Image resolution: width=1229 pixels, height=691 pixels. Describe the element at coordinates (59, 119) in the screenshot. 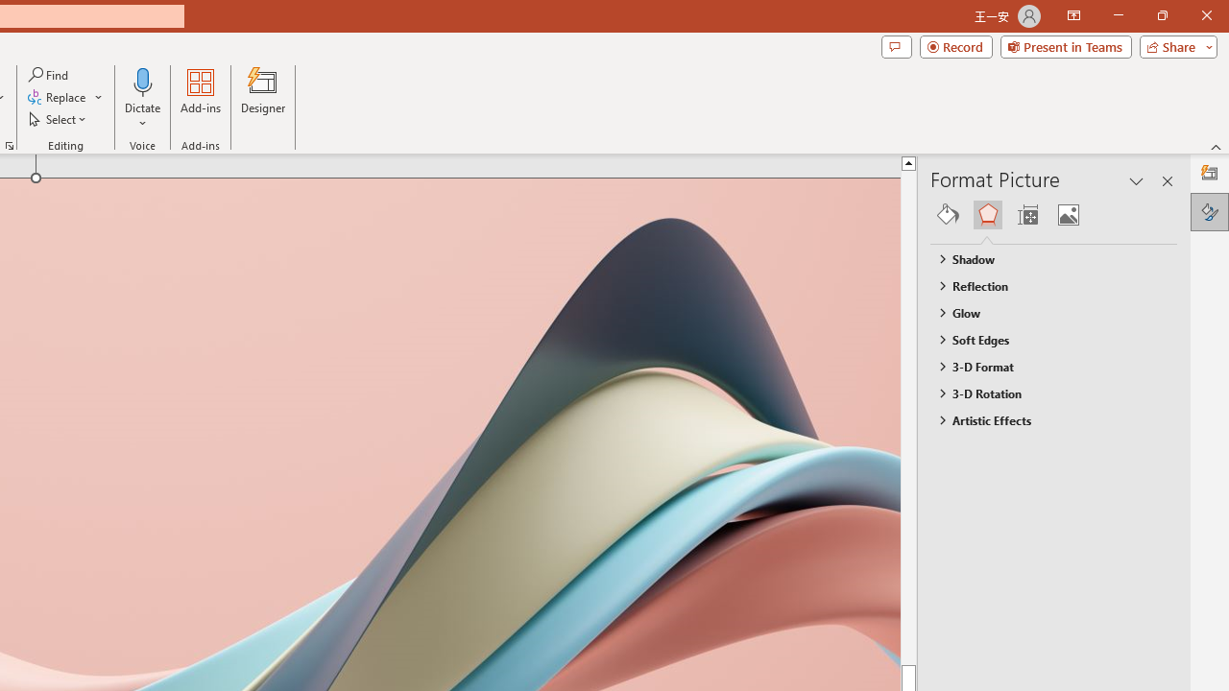

I see `'Select'` at that location.